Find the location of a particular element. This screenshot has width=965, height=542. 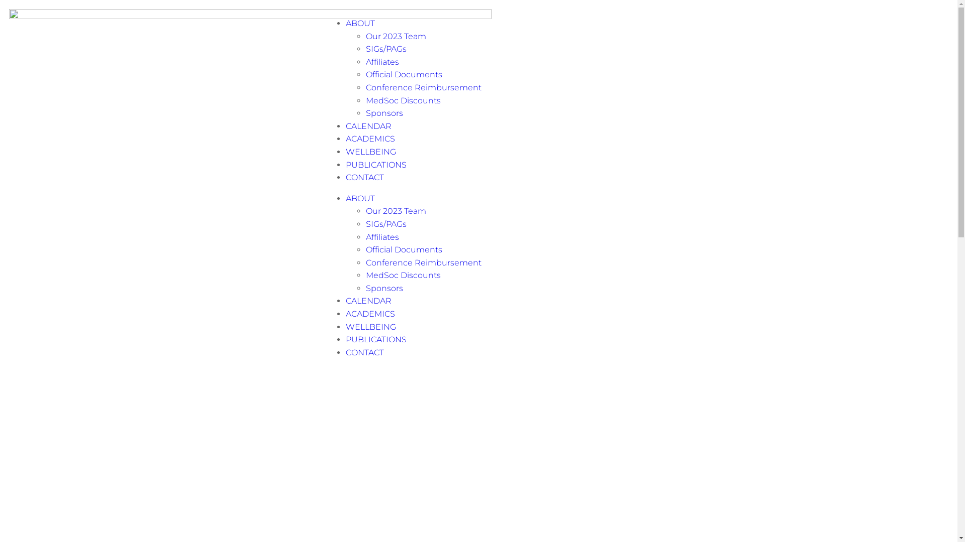

'ABOUT' is located at coordinates (360, 198).